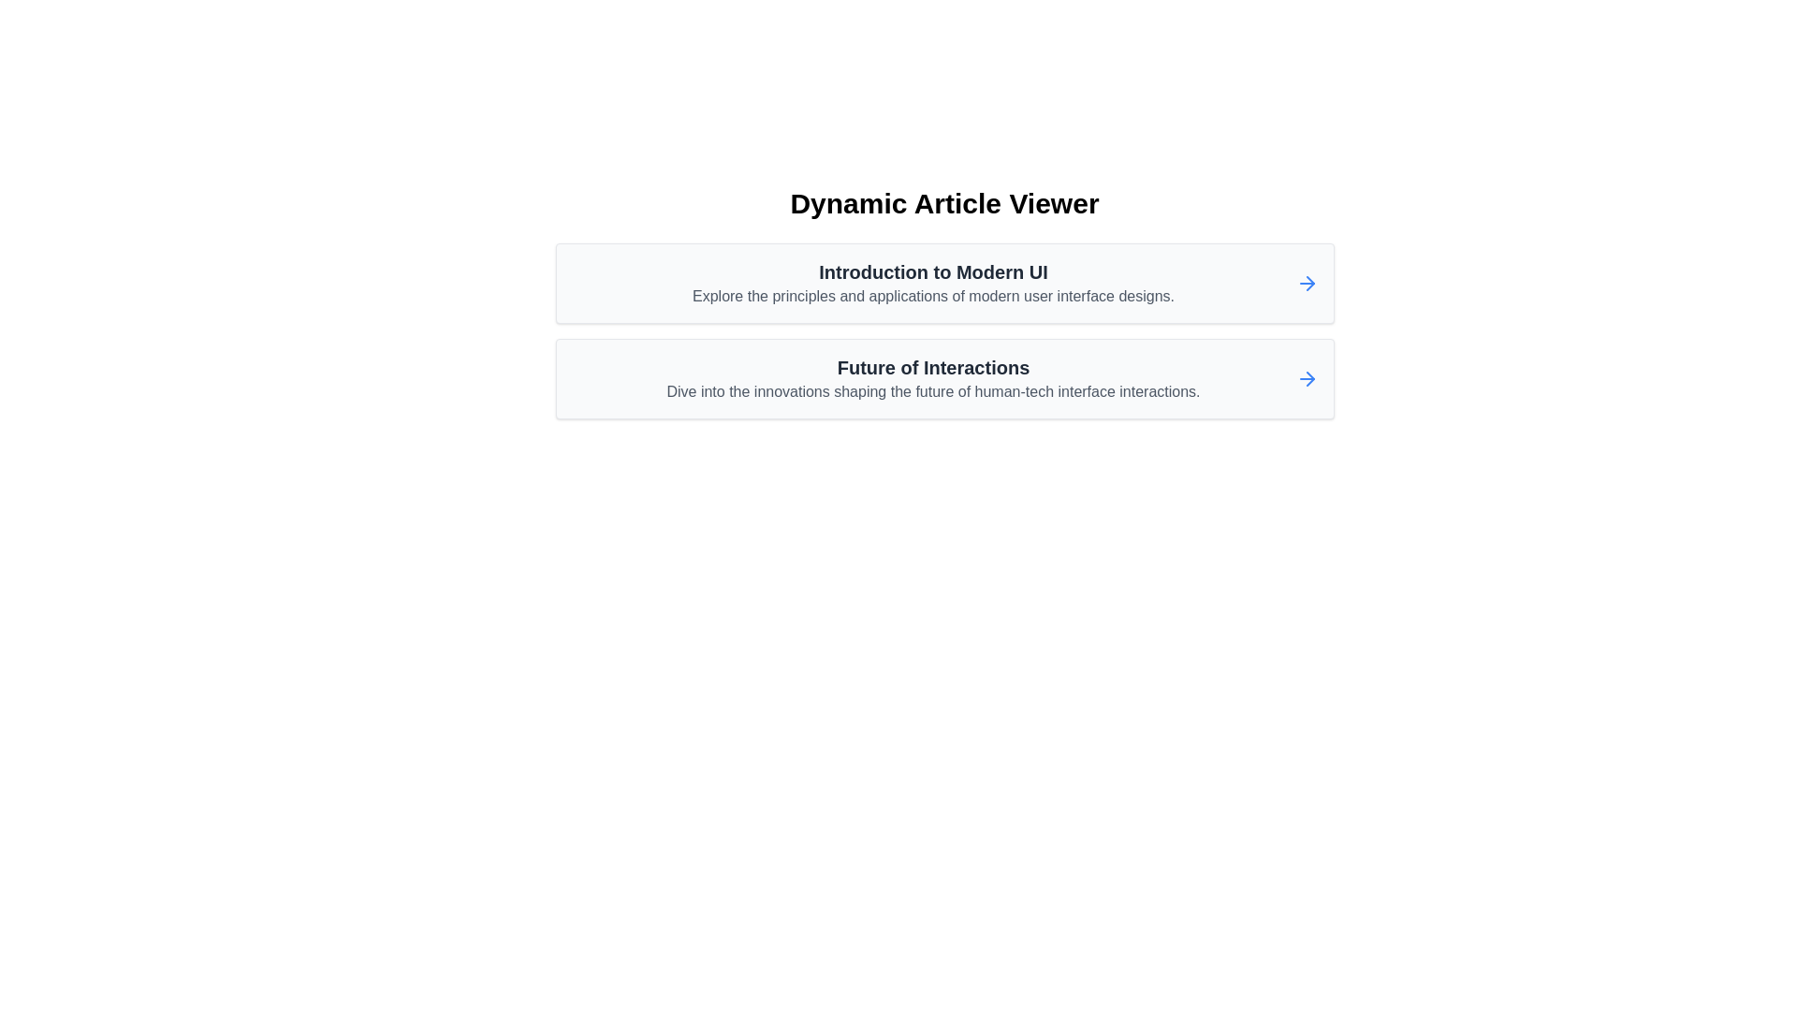 This screenshot has height=1011, width=1797. I want to click on the blue arrow icon pointing to the right, located at the right side of the 'Introduction to Modern UI' section, so click(1306, 284).